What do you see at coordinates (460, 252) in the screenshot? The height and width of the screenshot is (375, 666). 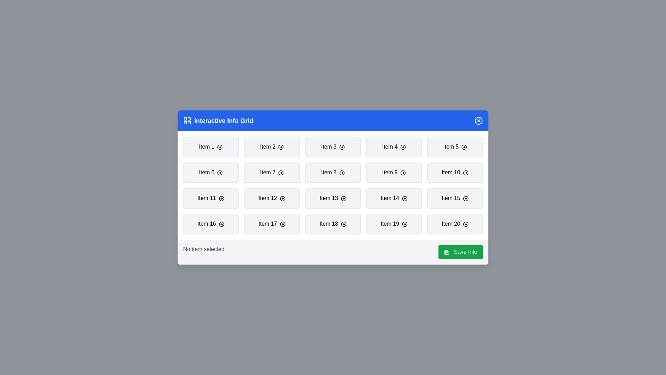 I see `the 'Save Info' button to save the selected item's information` at bounding box center [460, 252].